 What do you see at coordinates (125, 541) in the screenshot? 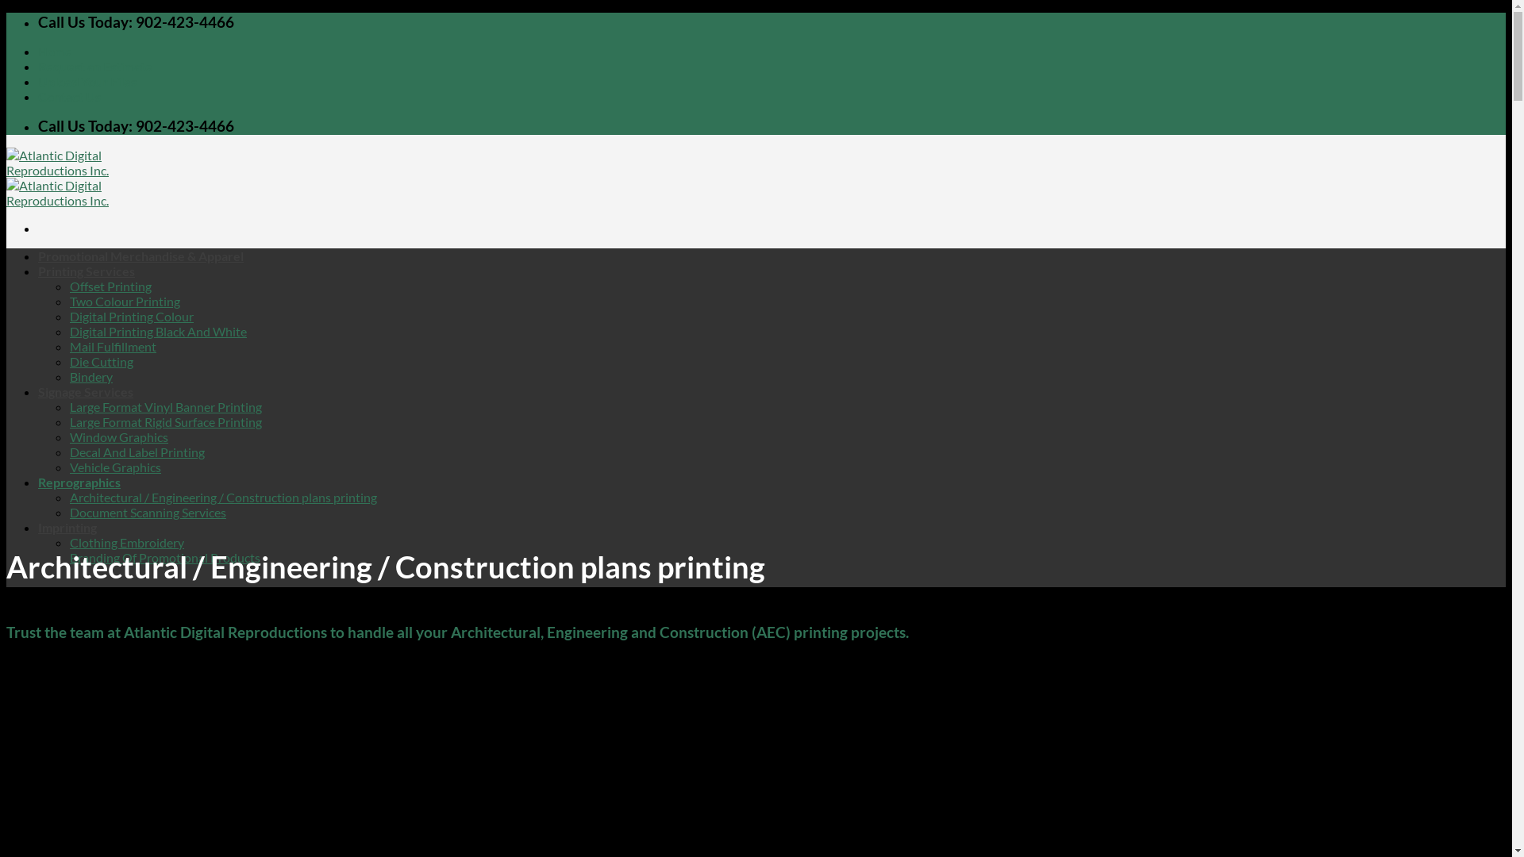
I see `'Clothing Embroidery'` at bounding box center [125, 541].